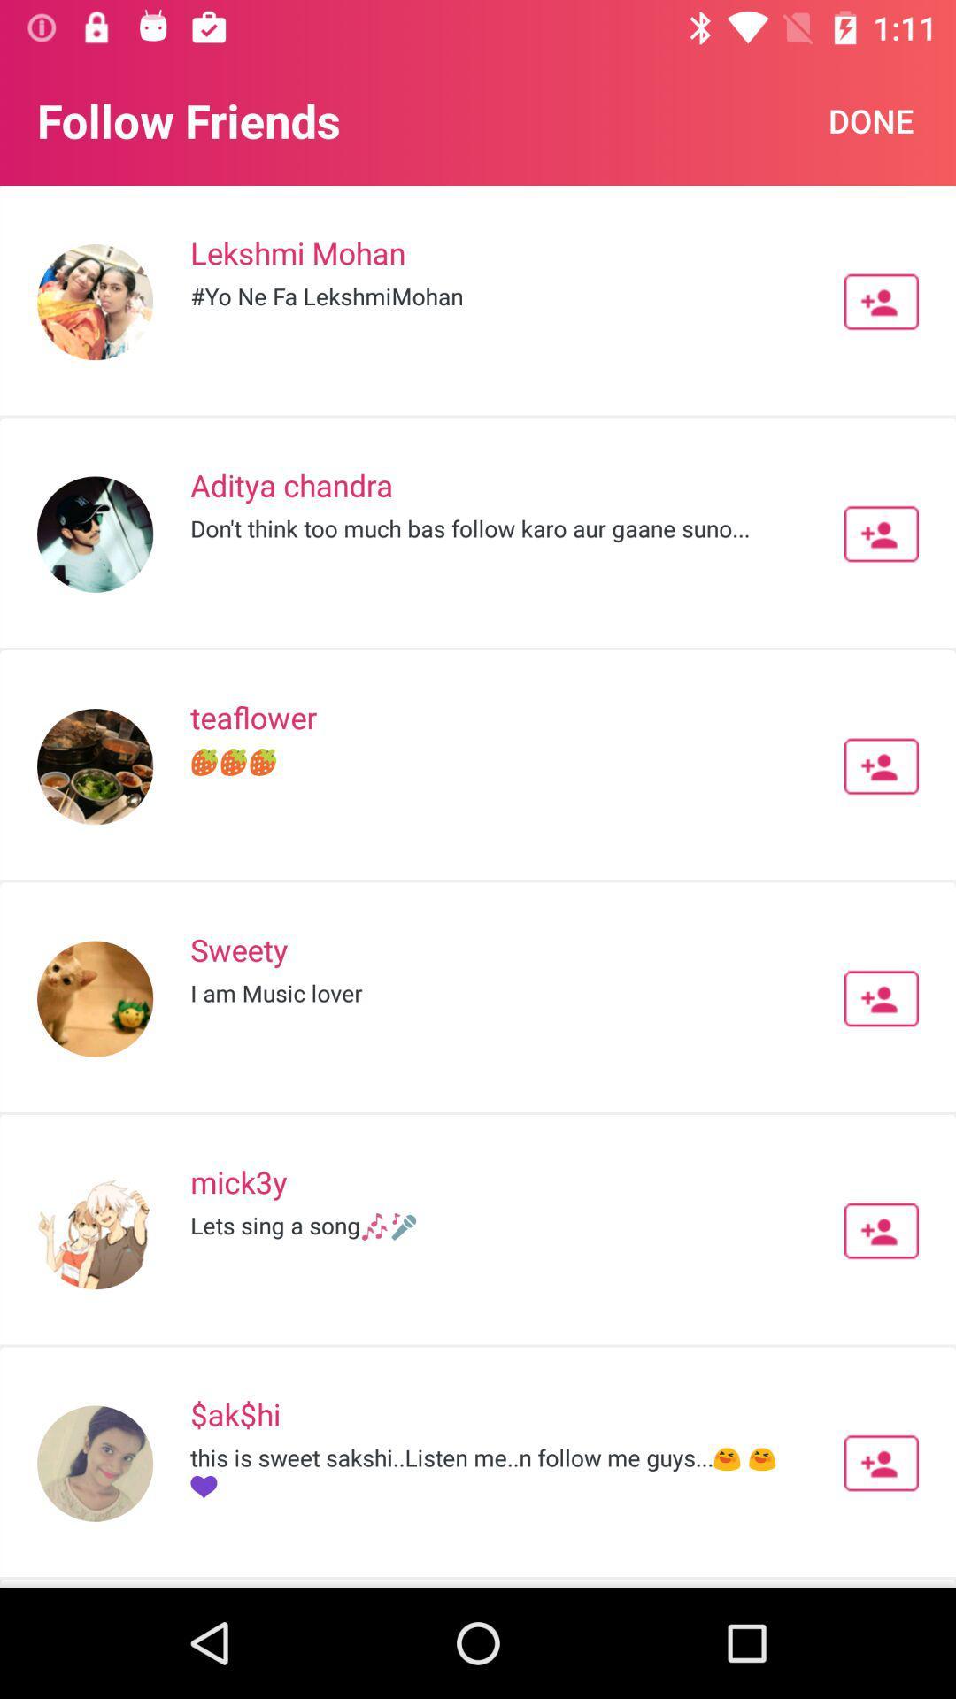 The image size is (956, 1699). What do you see at coordinates (881, 1230) in the screenshot?
I see `go do context` at bounding box center [881, 1230].